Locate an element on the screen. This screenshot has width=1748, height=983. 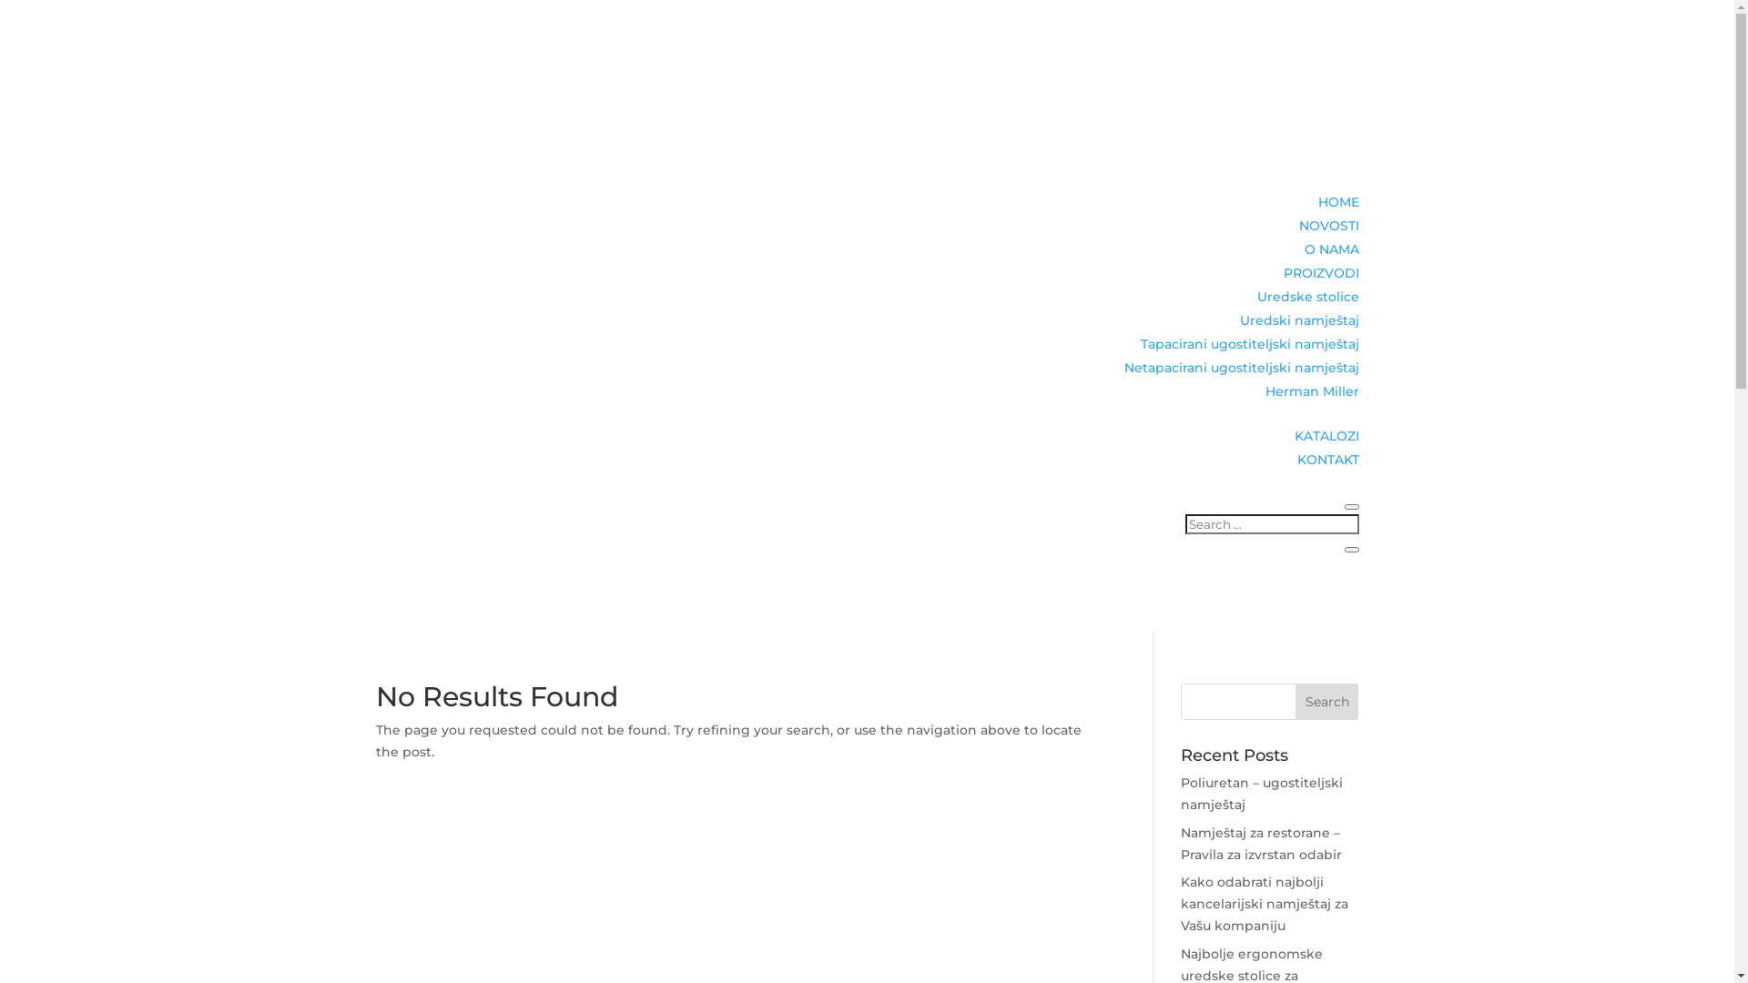
'NOVOSTI' is located at coordinates (1328, 224).